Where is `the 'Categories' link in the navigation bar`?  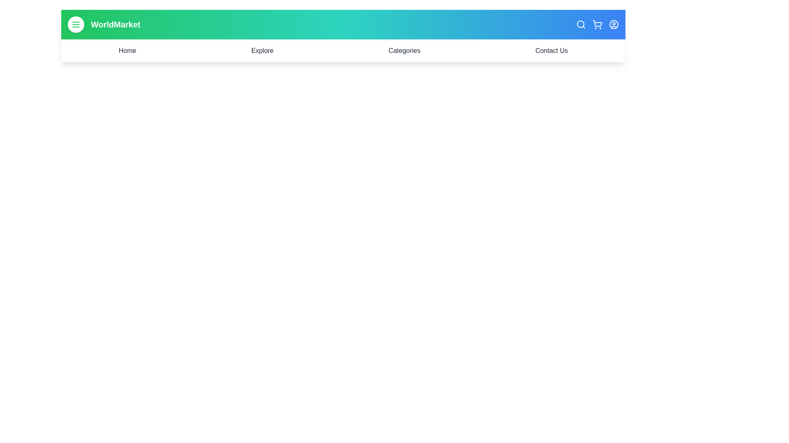
the 'Categories' link in the navigation bar is located at coordinates (404, 50).